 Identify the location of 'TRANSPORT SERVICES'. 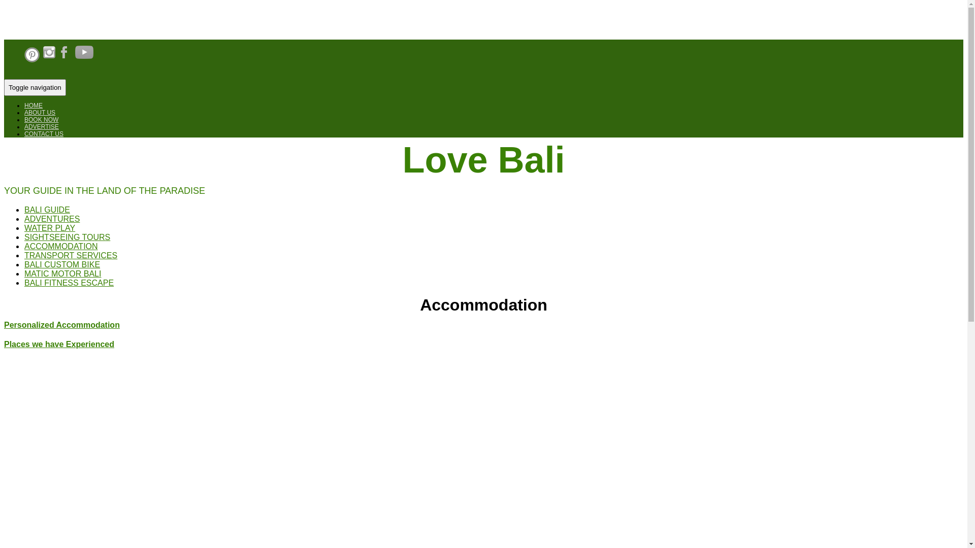
(70, 255).